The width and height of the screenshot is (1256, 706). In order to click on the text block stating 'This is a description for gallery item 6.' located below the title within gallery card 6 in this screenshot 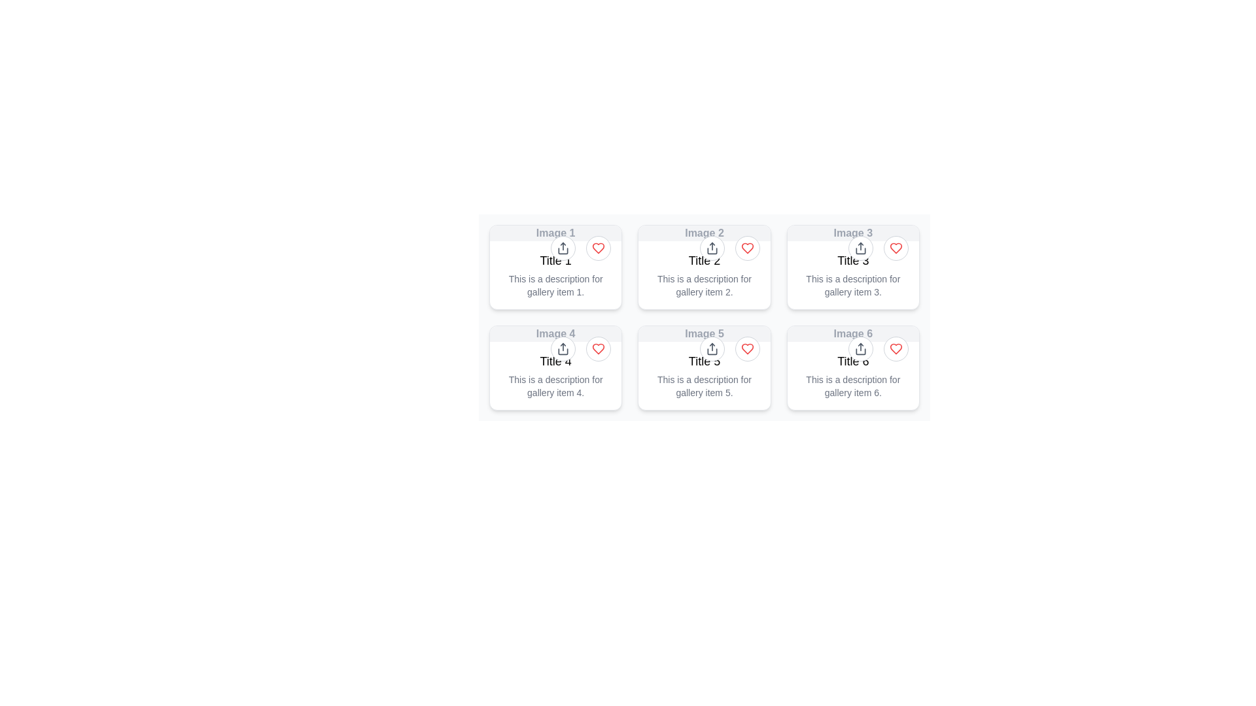, I will do `click(853, 385)`.